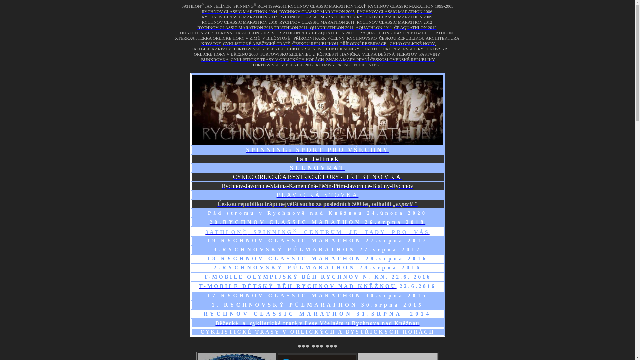 Image resolution: width=640 pixels, height=360 pixels. Describe the element at coordinates (251, 64) in the screenshot. I see `'TORFOWISKO ZIELENIEC 2012'` at that location.